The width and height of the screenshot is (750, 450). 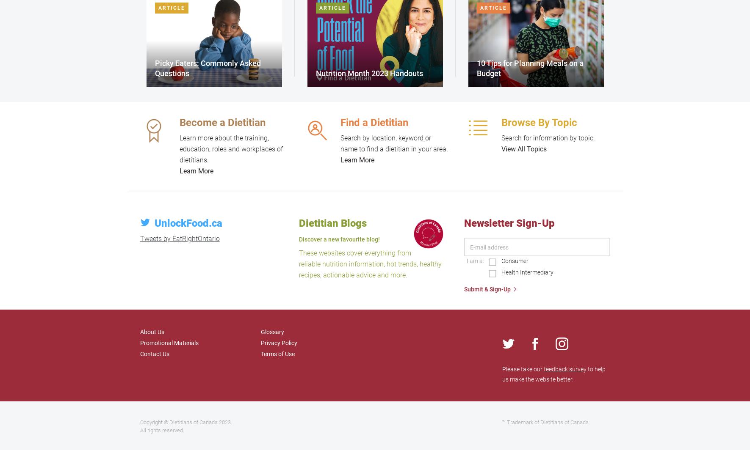 I want to click on 'Search by location, keyword or name to find a dietitian in your area.', so click(x=393, y=143).